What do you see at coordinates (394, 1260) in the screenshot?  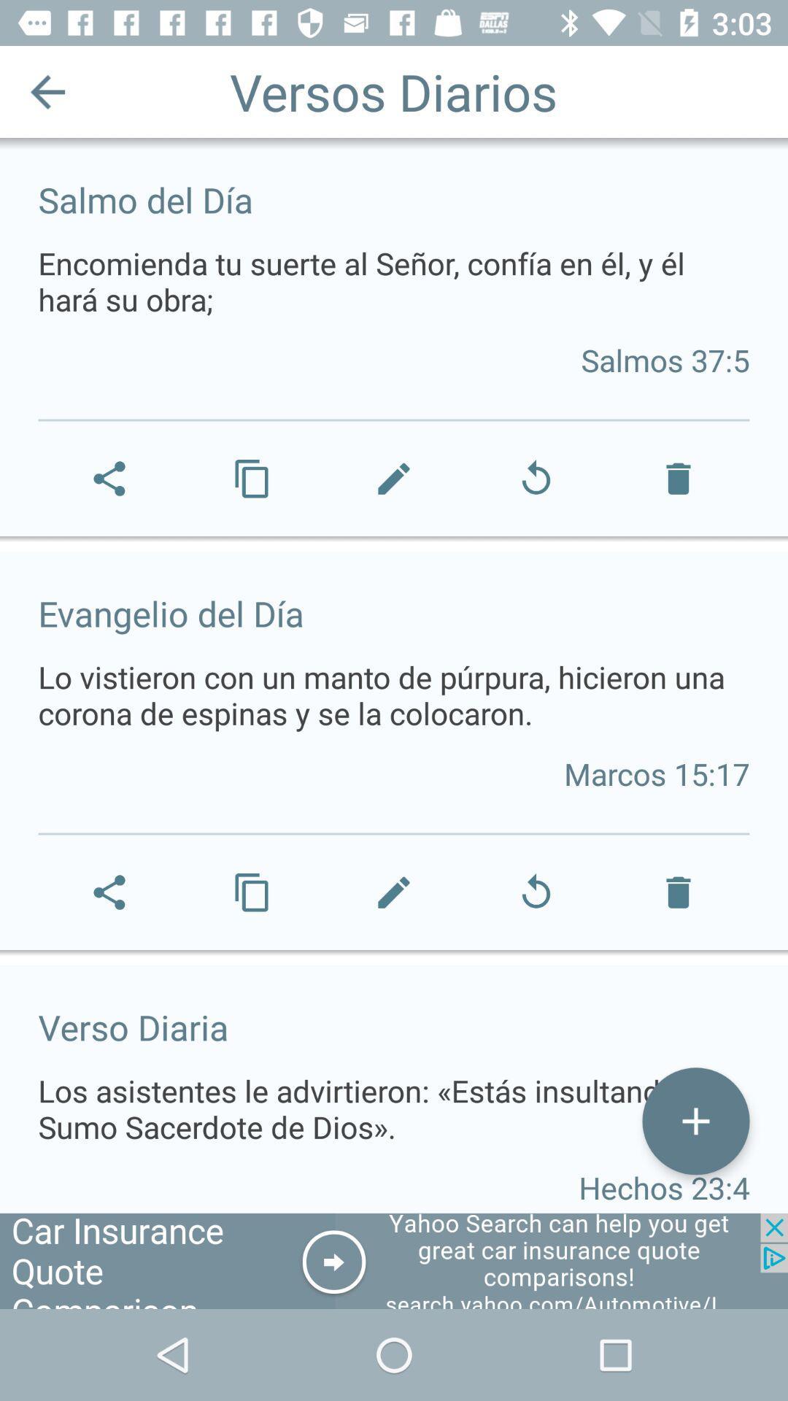 I see `advertisement` at bounding box center [394, 1260].